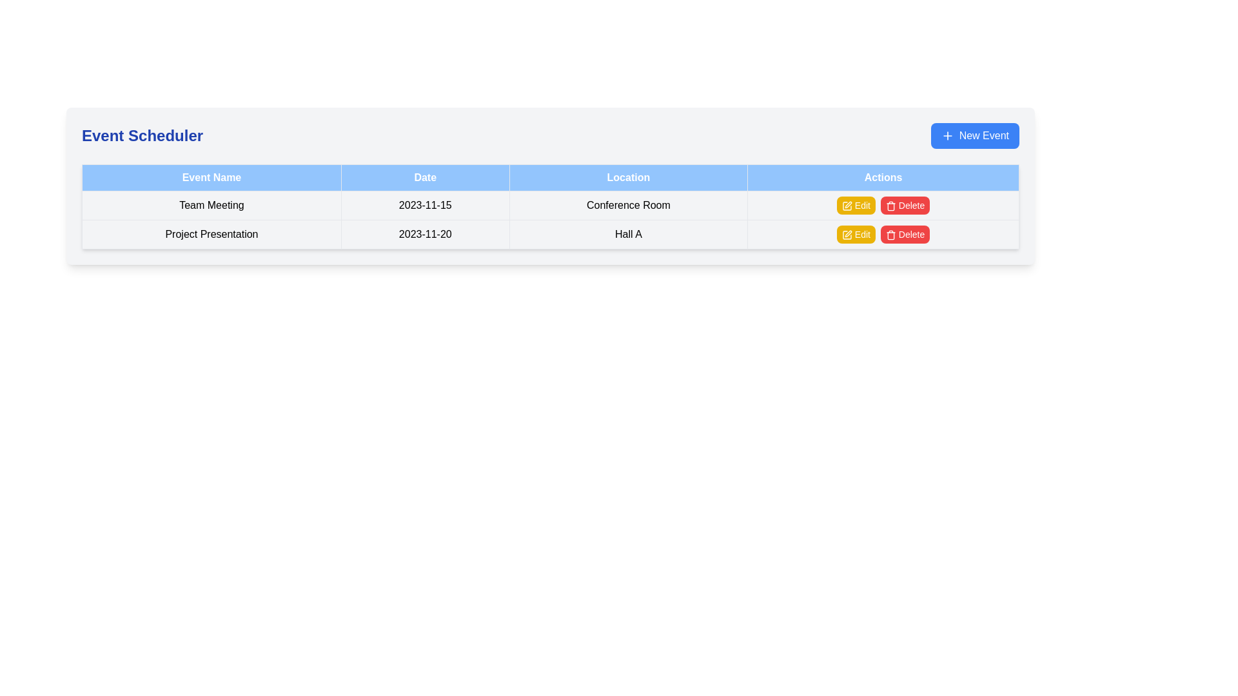  What do you see at coordinates (947, 136) in the screenshot?
I see `the add icon located to the left of the 'New Event' text within the blue rounded rectangular button to observe the visual change of the button` at bounding box center [947, 136].